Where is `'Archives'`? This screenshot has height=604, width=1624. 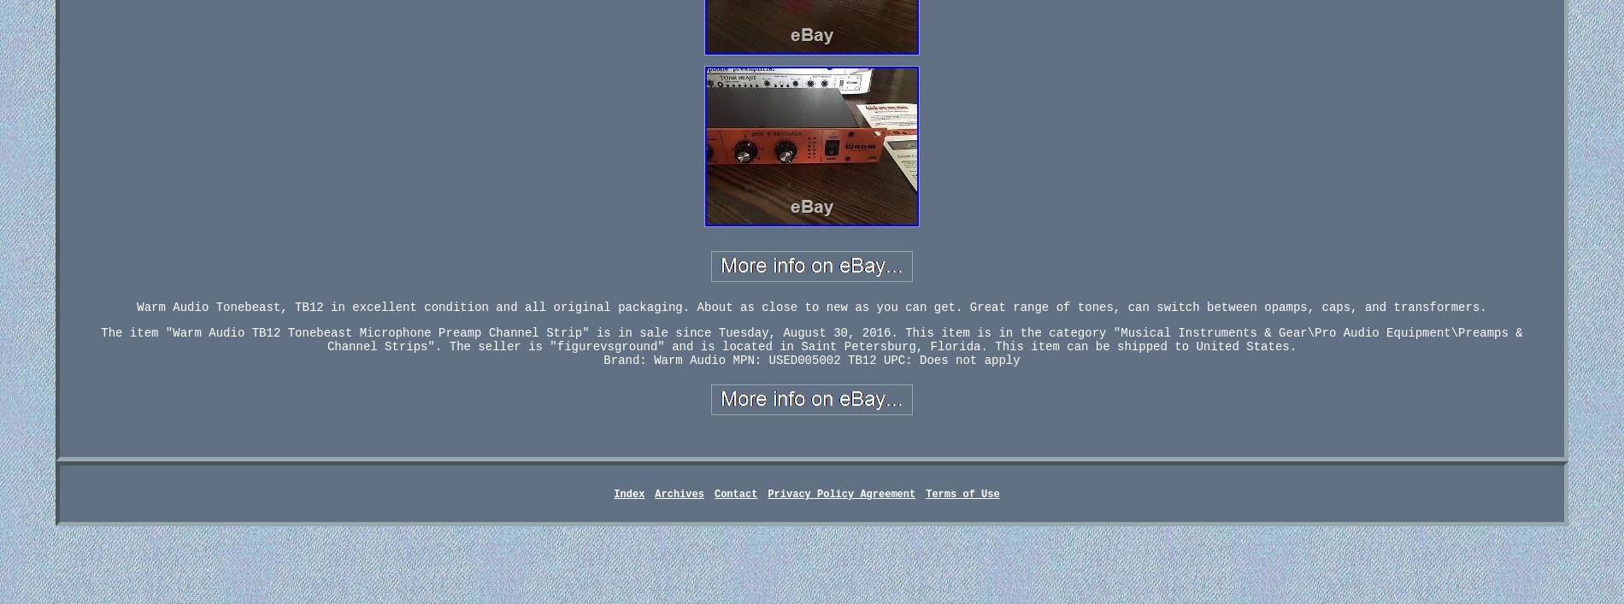
'Archives' is located at coordinates (678, 495).